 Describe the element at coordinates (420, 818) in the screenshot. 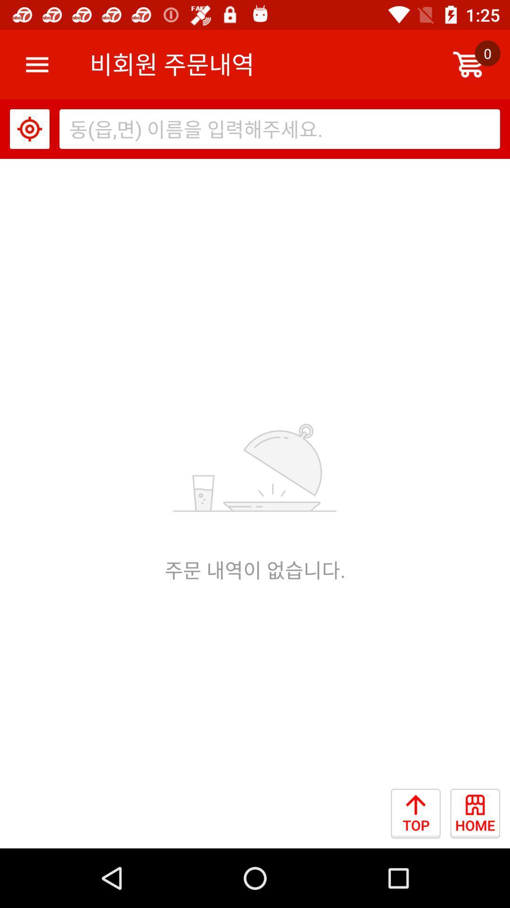

I see `the arrow_upward icon` at that location.